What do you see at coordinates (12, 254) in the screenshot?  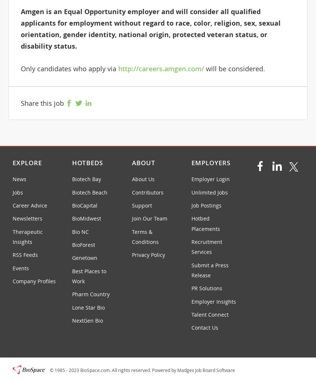 I see `'RSS Feeds'` at bounding box center [12, 254].